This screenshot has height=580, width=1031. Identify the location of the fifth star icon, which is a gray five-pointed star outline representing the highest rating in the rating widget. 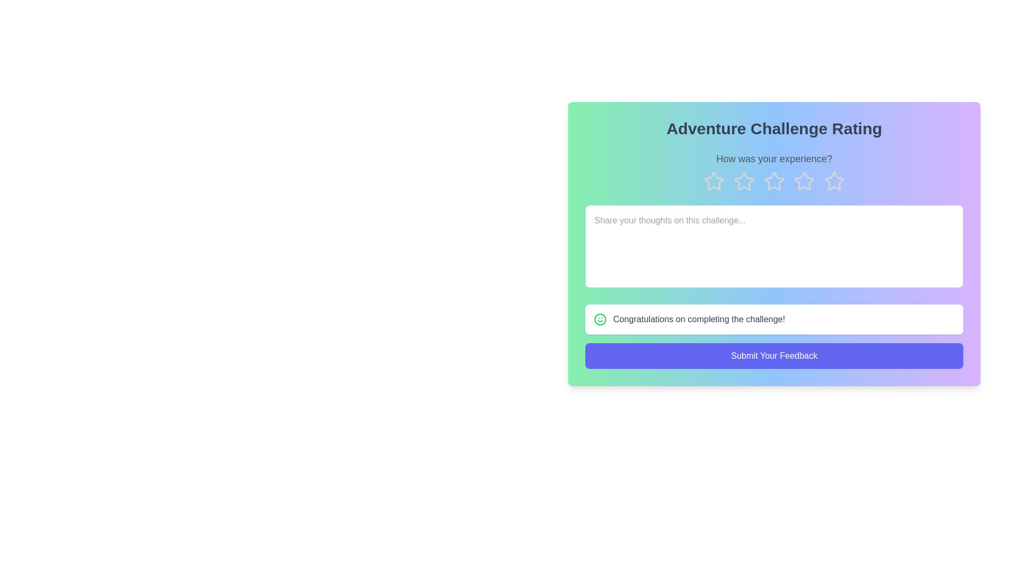
(834, 180).